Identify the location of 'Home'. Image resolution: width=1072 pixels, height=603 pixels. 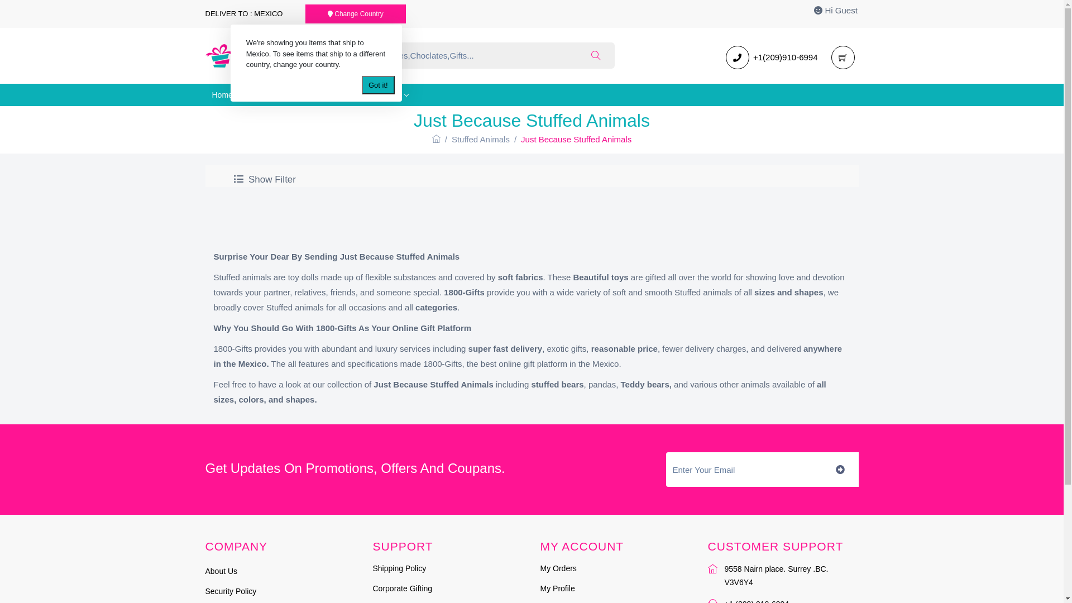
(222, 94).